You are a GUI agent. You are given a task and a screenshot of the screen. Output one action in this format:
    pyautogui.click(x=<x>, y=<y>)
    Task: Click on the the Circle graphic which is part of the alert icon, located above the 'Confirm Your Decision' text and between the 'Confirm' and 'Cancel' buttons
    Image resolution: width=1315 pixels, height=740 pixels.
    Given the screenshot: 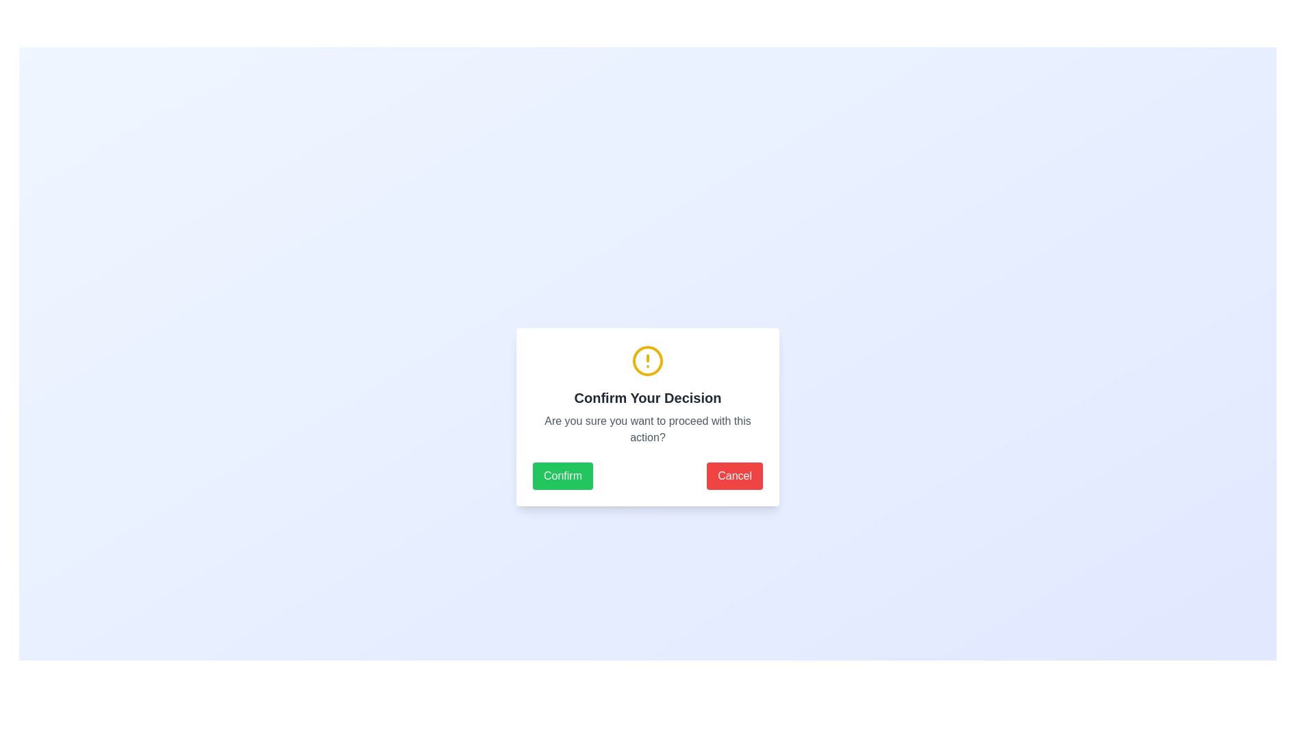 What is the action you would take?
    pyautogui.click(x=647, y=360)
    